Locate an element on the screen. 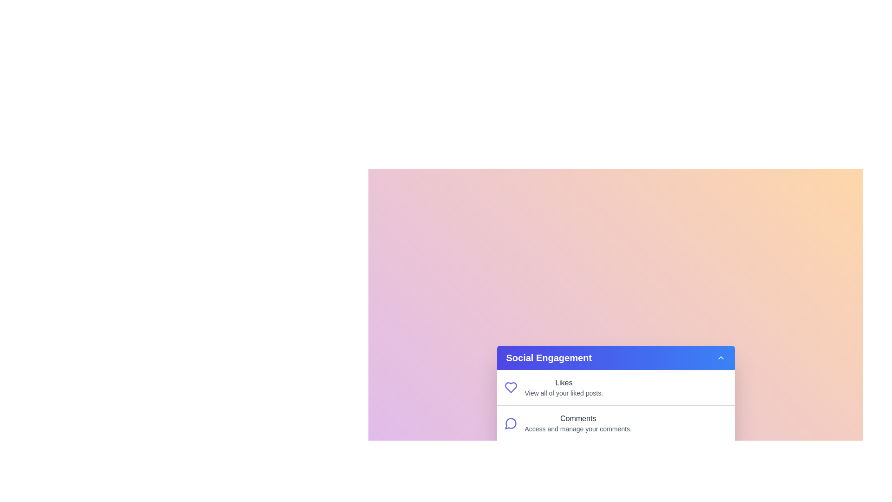 The height and width of the screenshot is (502, 892). the menu item Likes to highlight it is located at coordinates (616, 387).